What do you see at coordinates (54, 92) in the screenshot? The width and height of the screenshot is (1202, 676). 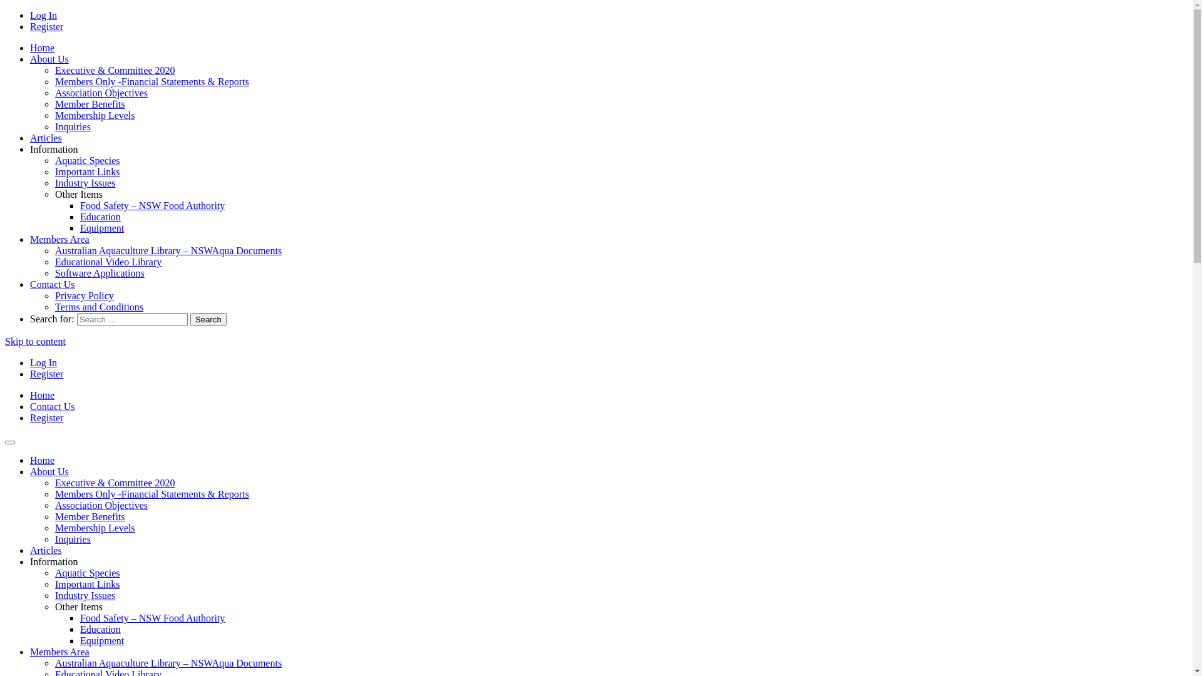 I see `'Association Objectives'` at bounding box center [54, 92].